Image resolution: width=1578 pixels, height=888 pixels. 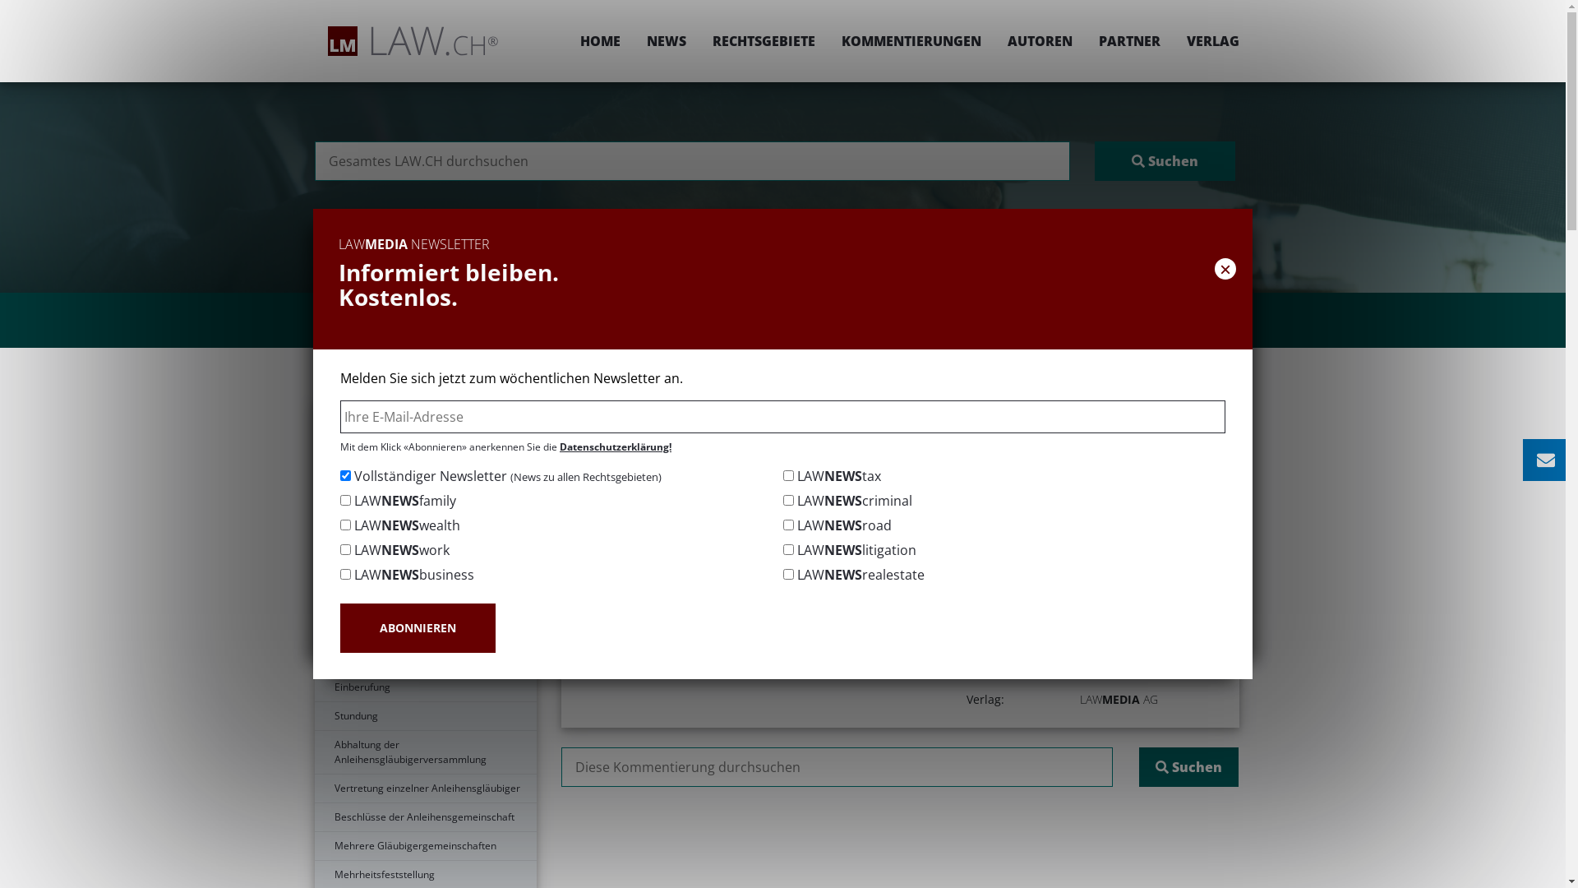 I want to click on 'KOMMENTIERUNGEN', so click(x=910, y=40).